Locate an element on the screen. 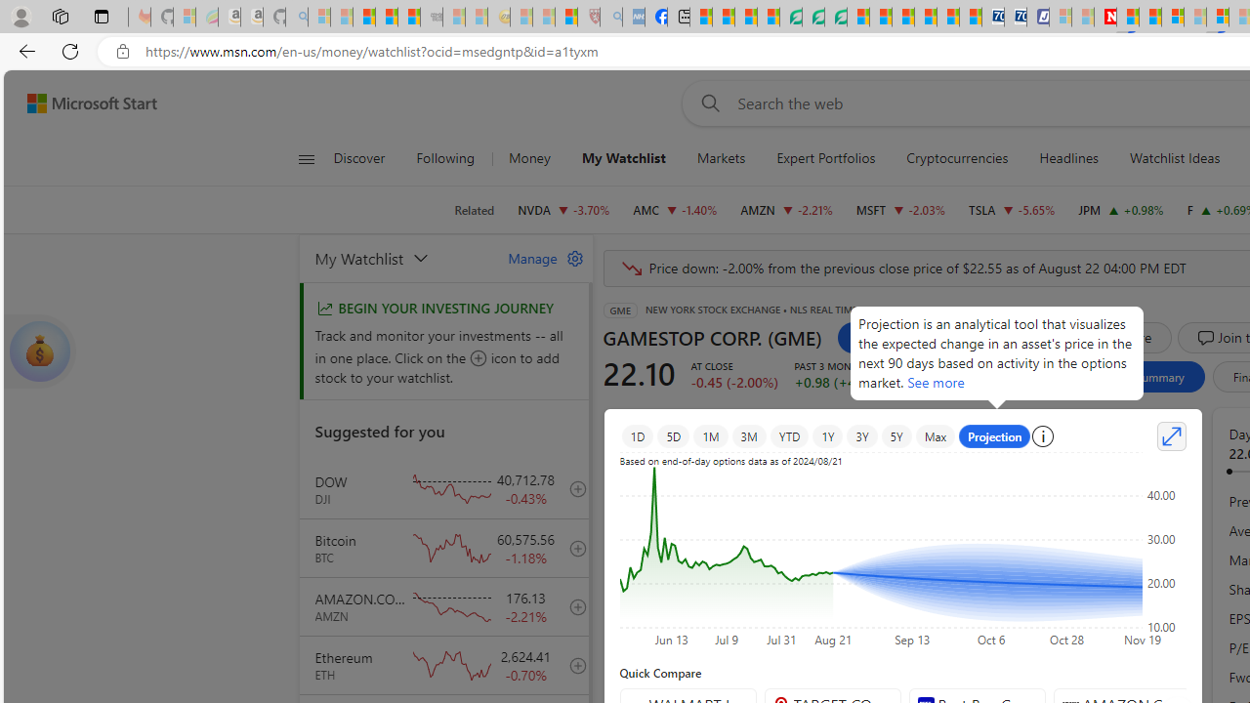 This screenshot has width=1250, height=703. 'Microsoft account | Privacy - Sleeping' is located at coordinates (1060, 17).